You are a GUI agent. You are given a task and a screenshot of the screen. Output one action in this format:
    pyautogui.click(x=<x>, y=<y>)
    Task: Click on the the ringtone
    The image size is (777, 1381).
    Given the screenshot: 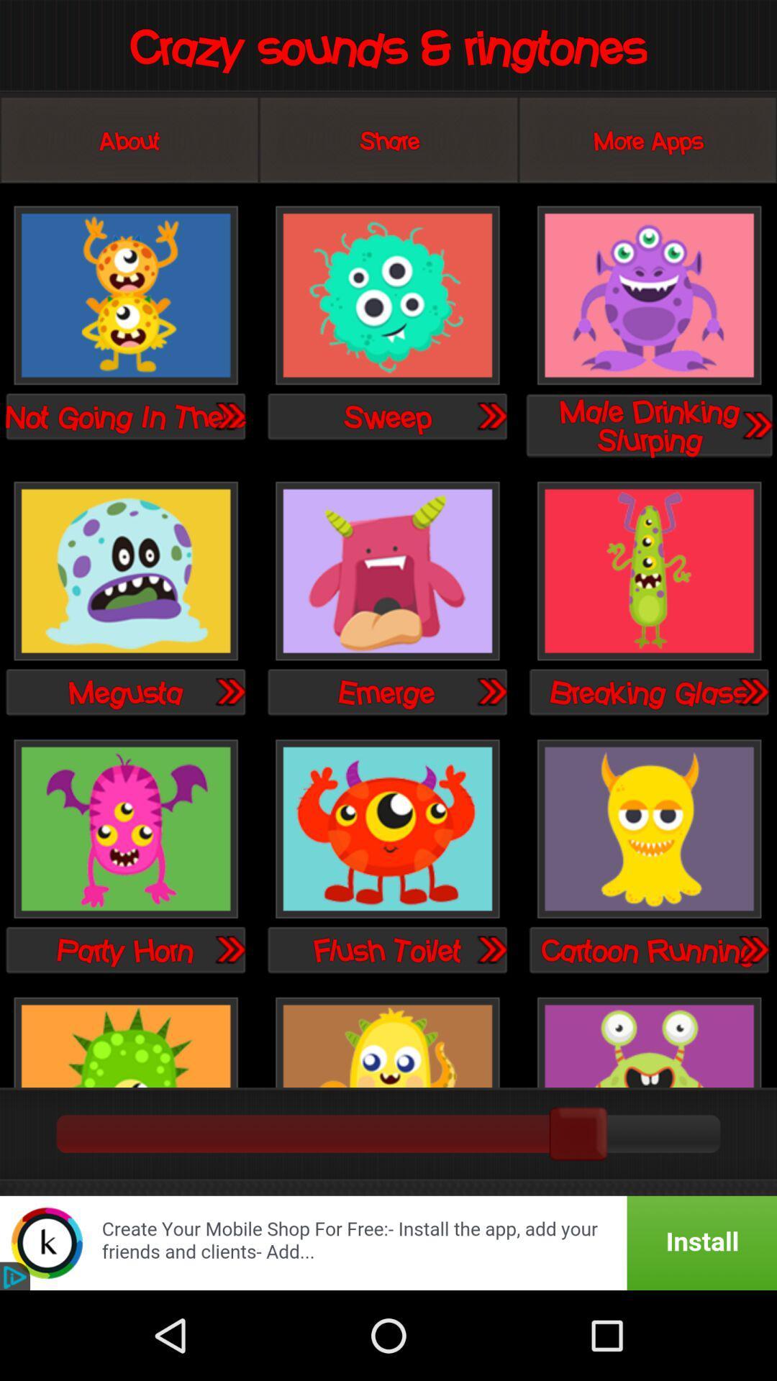 What is the action you would take?
    pyautogui.click(x=125, y=571)
    